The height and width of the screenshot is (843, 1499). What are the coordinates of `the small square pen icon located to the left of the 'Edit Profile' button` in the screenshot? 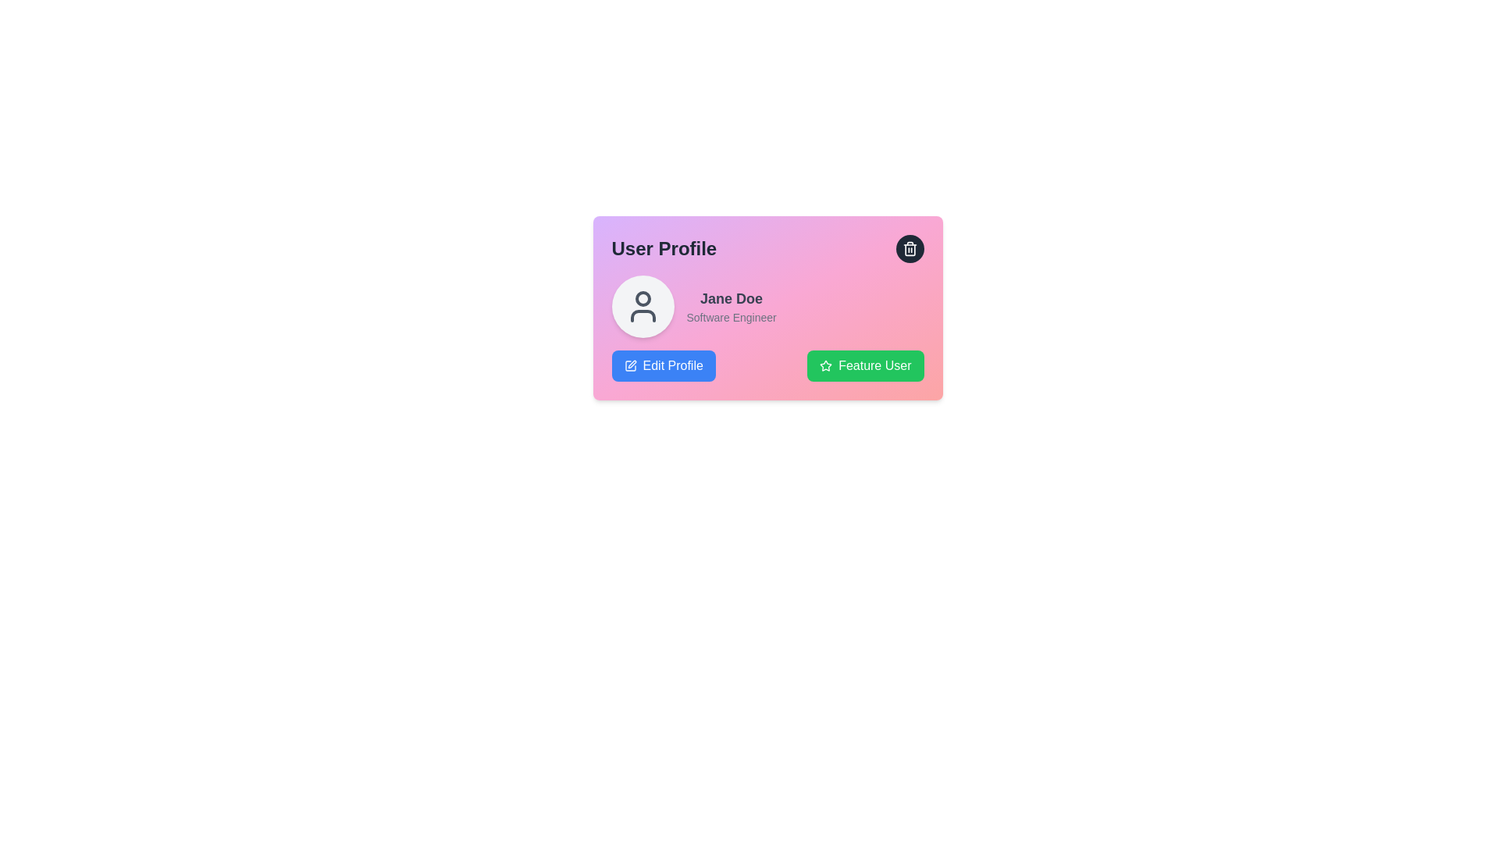 It's located at (630, 366).